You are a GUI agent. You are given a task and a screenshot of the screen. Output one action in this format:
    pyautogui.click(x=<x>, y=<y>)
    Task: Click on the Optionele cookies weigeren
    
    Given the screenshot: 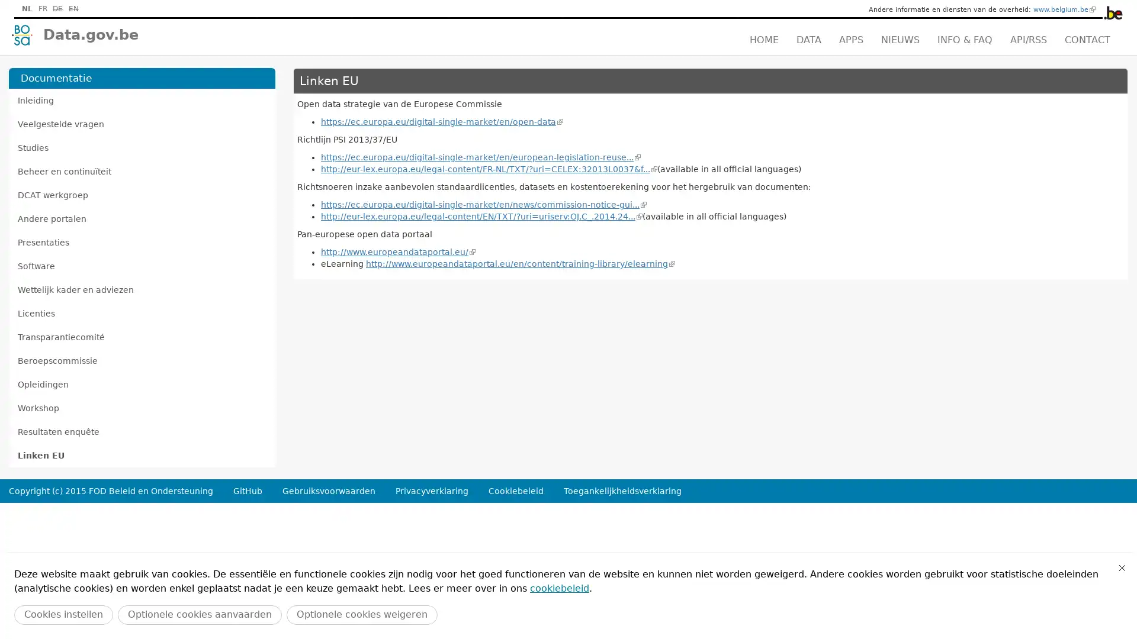 What is the action you would take?
    pyautogui.click(x=361, y=614)
    